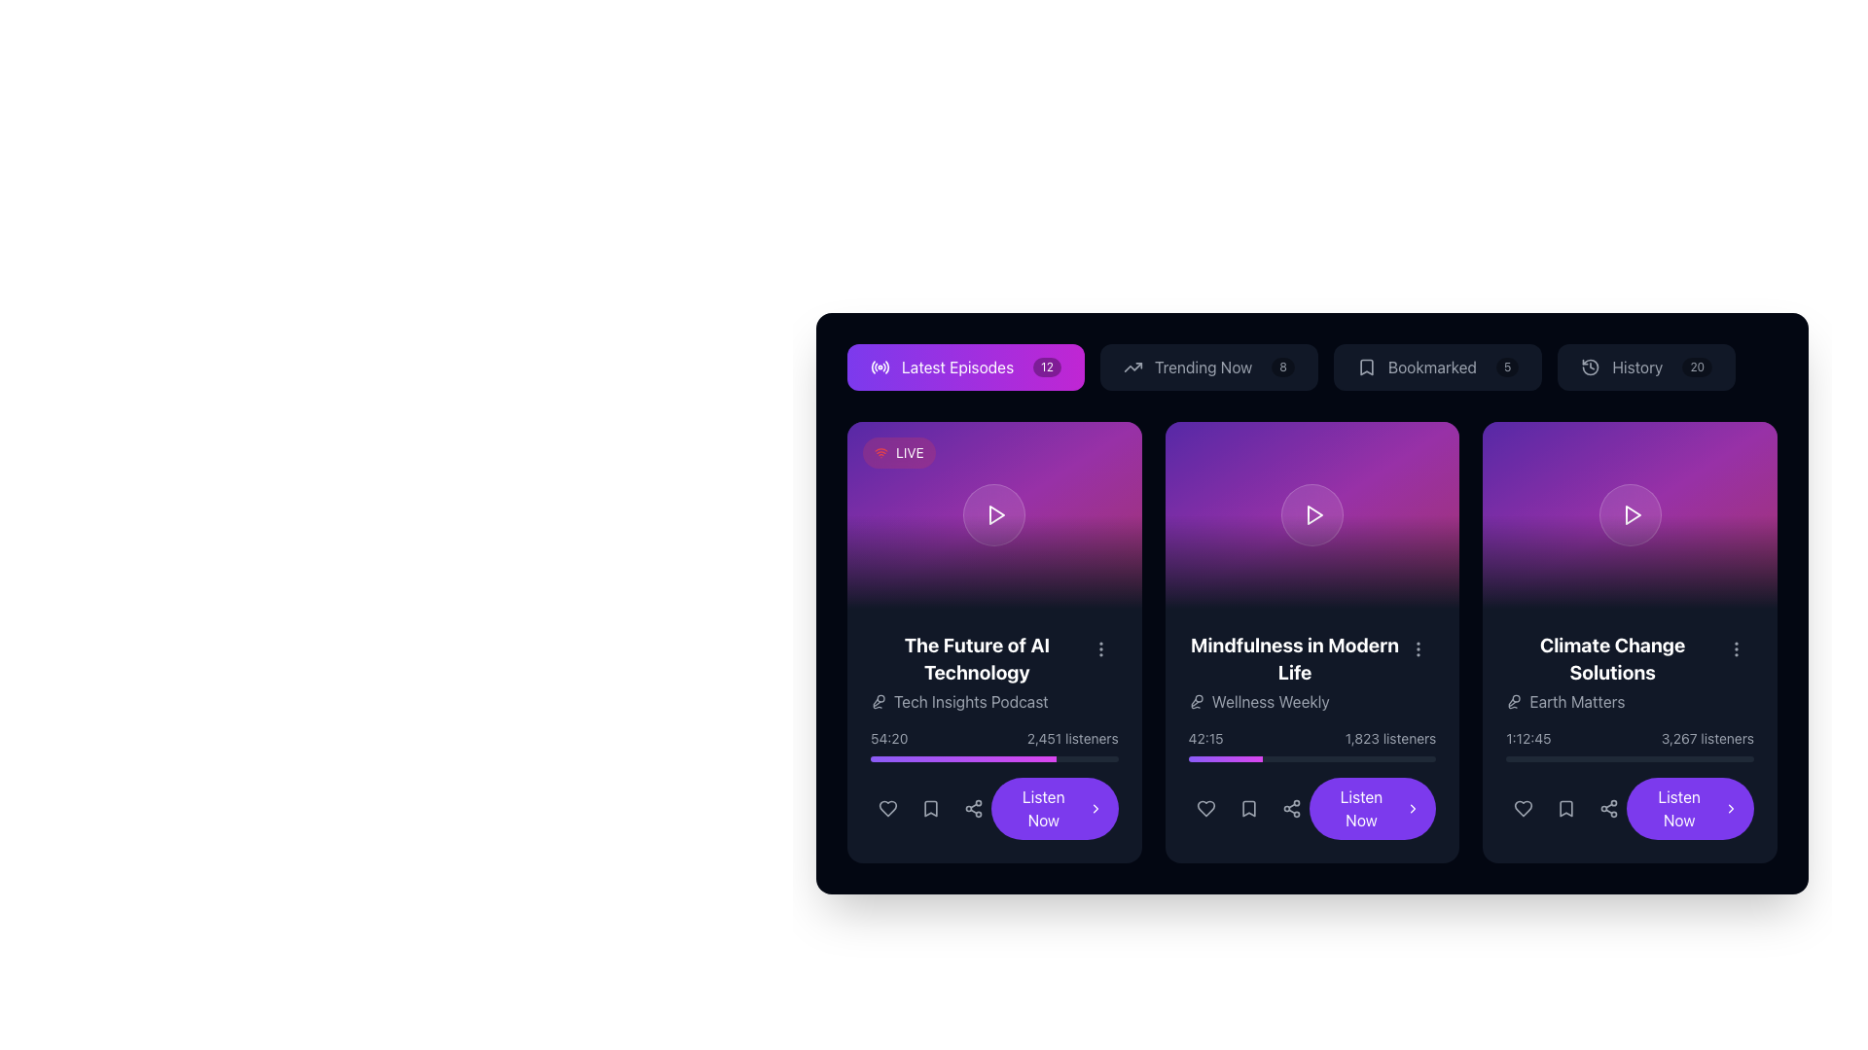 The height and width of the screenshot is (1050, 1868). I want to click on the chevron icon located to the right of the 'Listen Now' text within the rounded button at the bottom of the 'Climate Change Solutions' card, so click(1413, 809).